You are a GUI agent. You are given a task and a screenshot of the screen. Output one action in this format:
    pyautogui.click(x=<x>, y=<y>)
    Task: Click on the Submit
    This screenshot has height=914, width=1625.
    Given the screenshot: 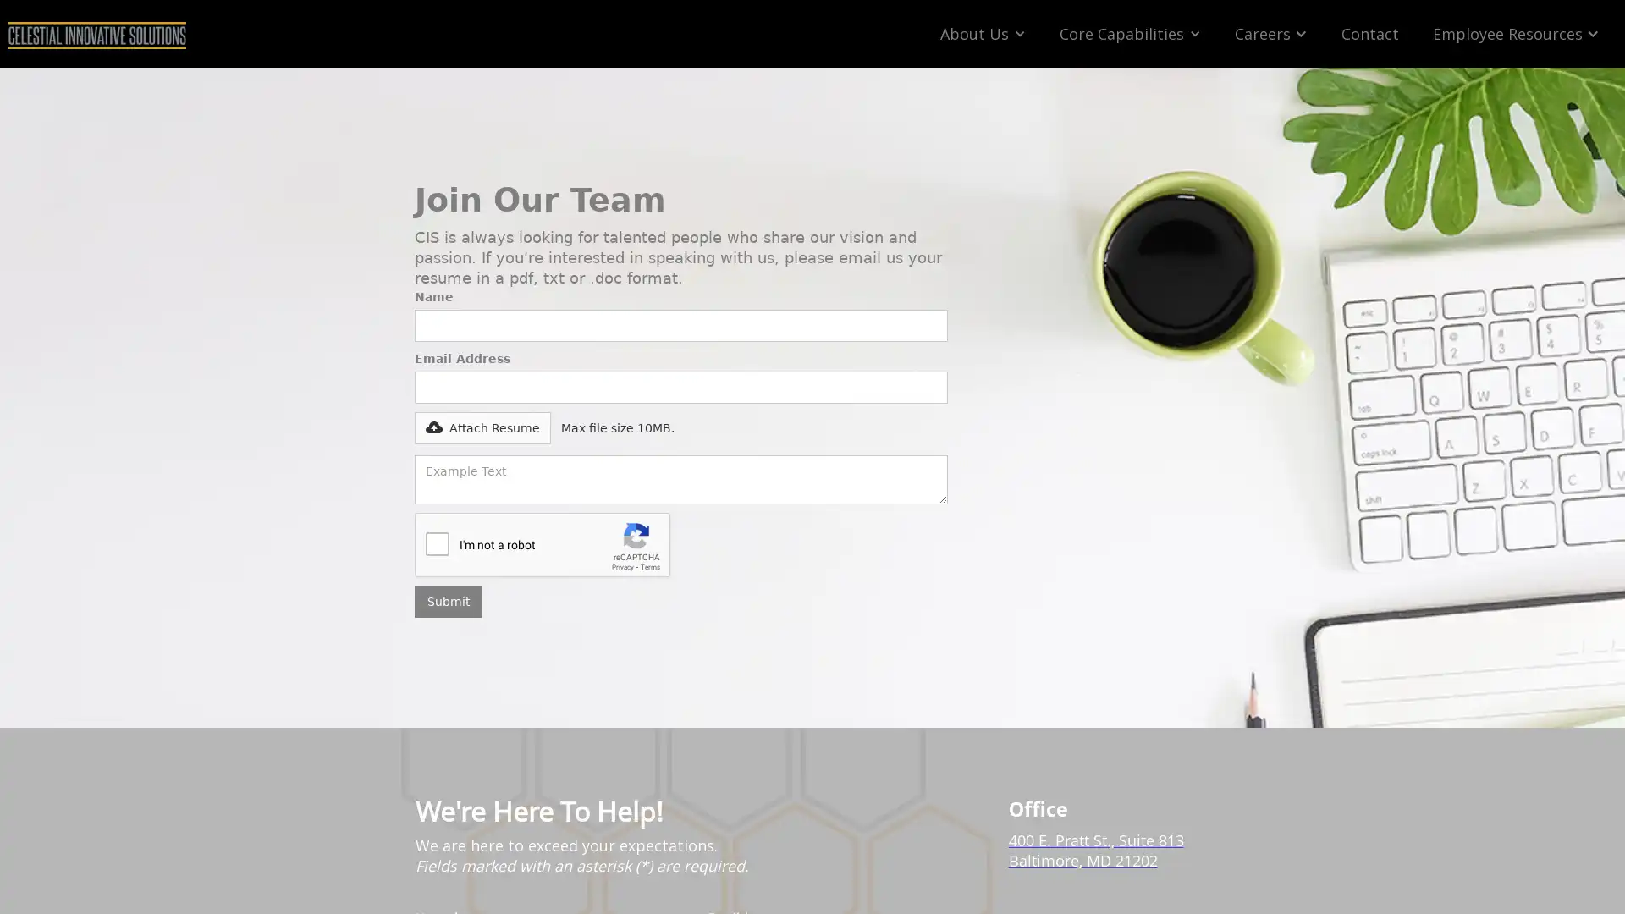 What is the action you would take?
    pyautogui.click(x=448, y=600)
    